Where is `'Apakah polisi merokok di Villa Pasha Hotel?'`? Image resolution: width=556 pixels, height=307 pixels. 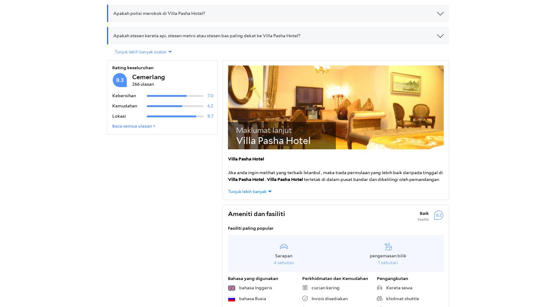
'Apakah polisi merokok di Villa Pasha Hotel?' is located at coordinates (159, 13).